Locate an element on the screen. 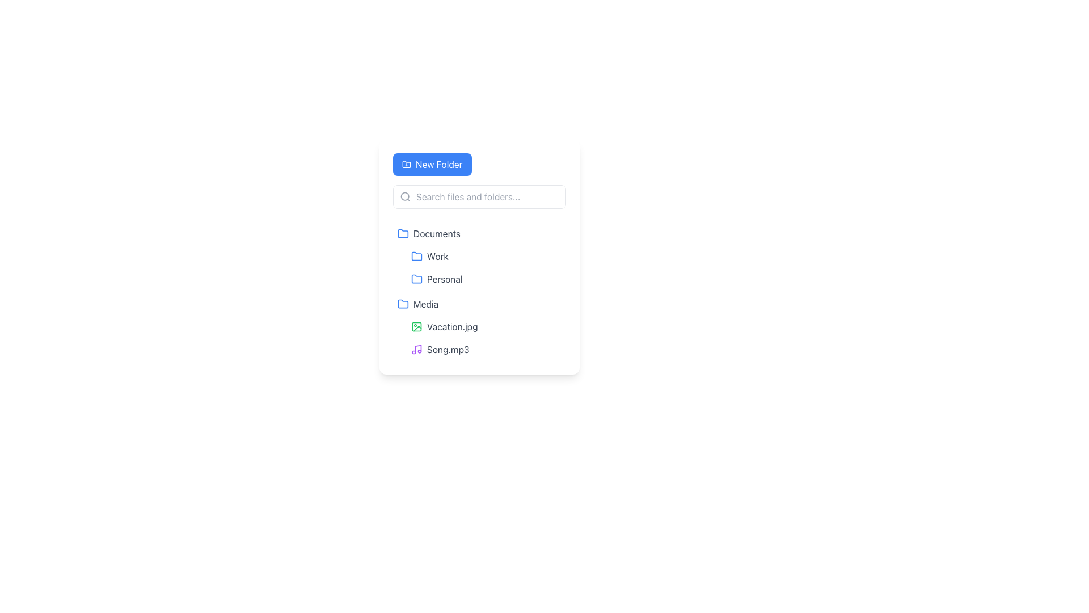  the selectable folder item labeled 'Work' located is located at coordinates (486, 256).